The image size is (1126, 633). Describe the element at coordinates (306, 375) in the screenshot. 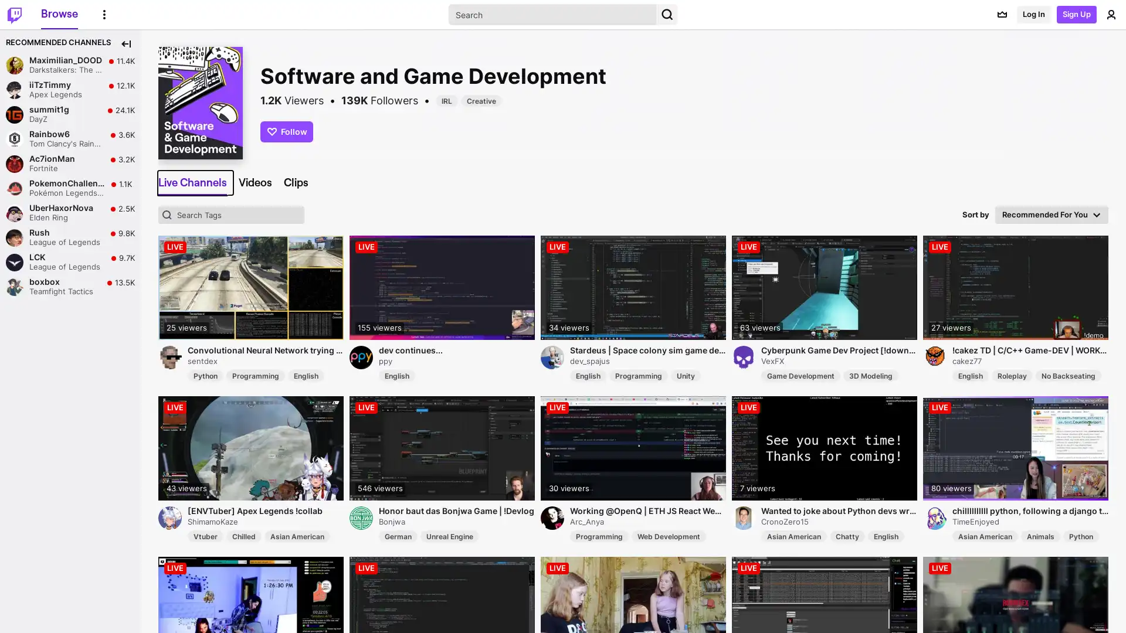

I see `English` at that location.